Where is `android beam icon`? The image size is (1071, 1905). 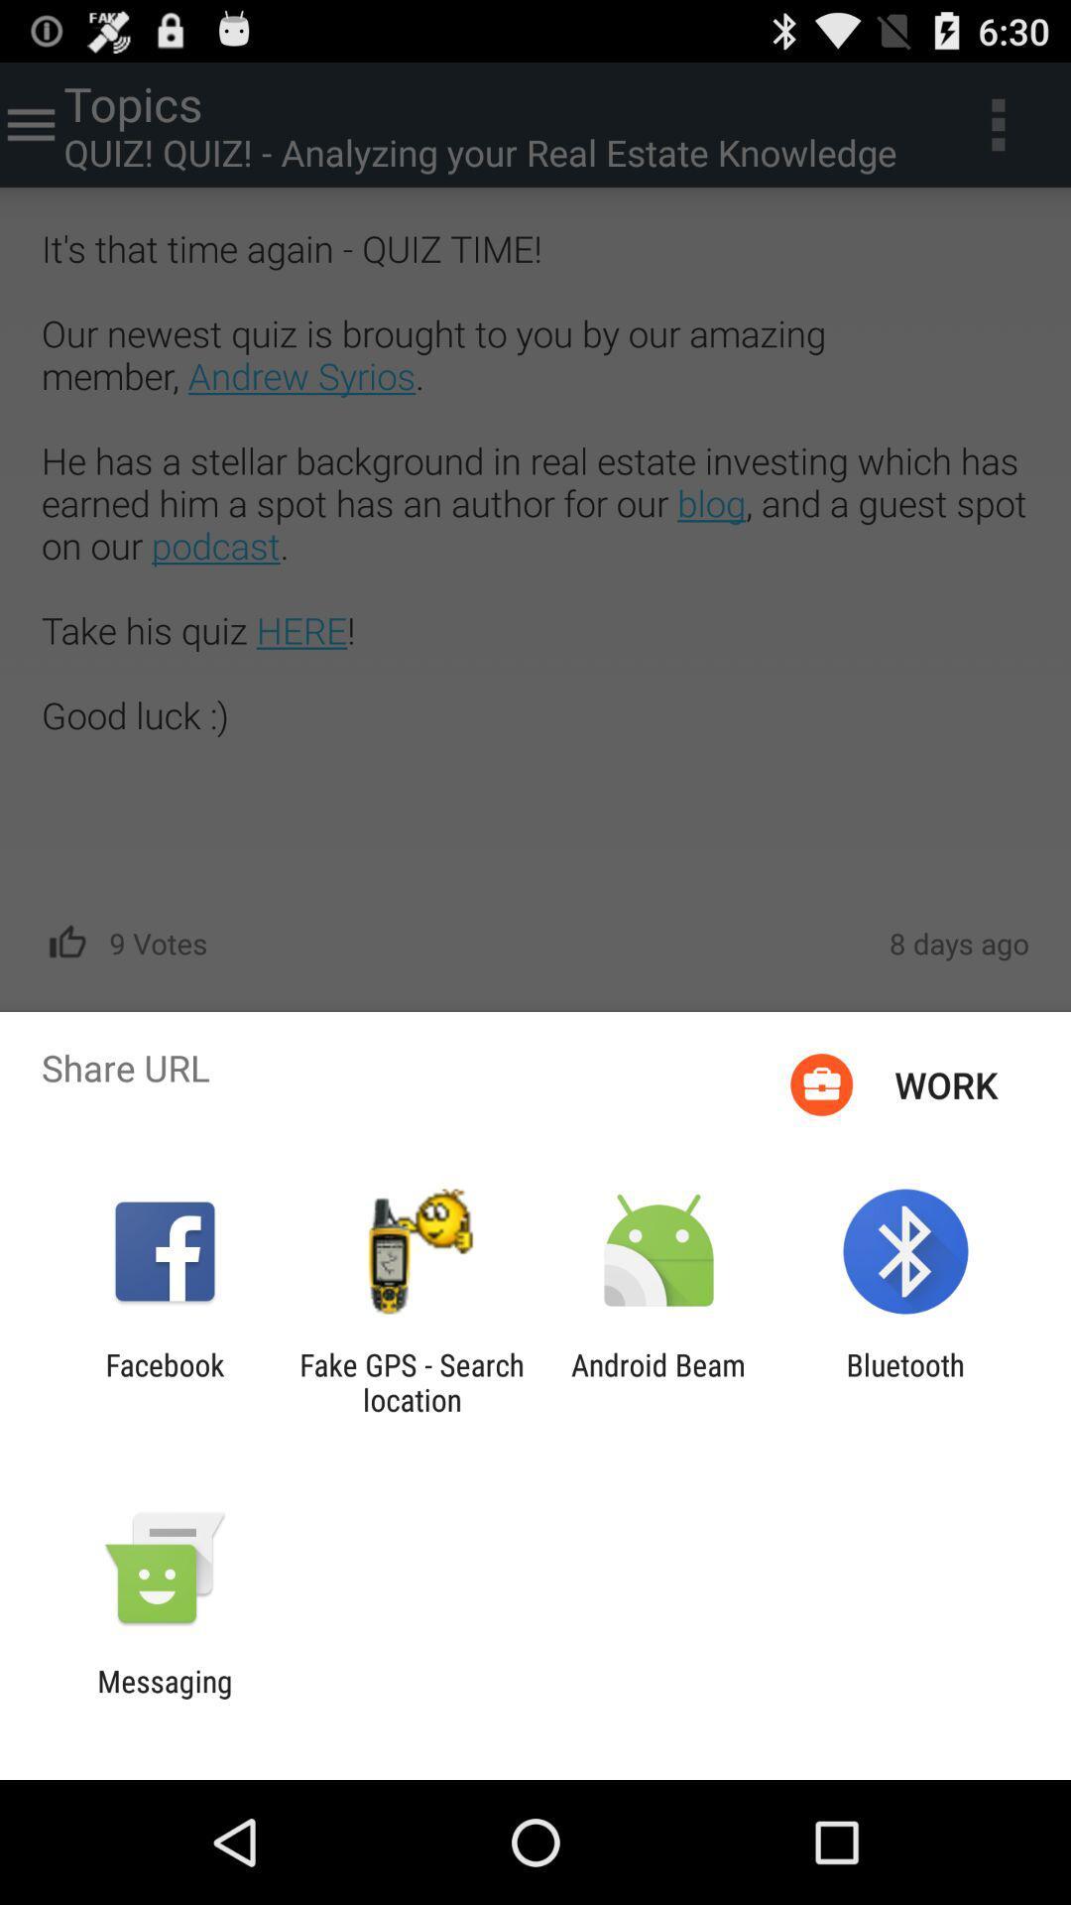
android beam icon is located at coordinates (658, 1381).